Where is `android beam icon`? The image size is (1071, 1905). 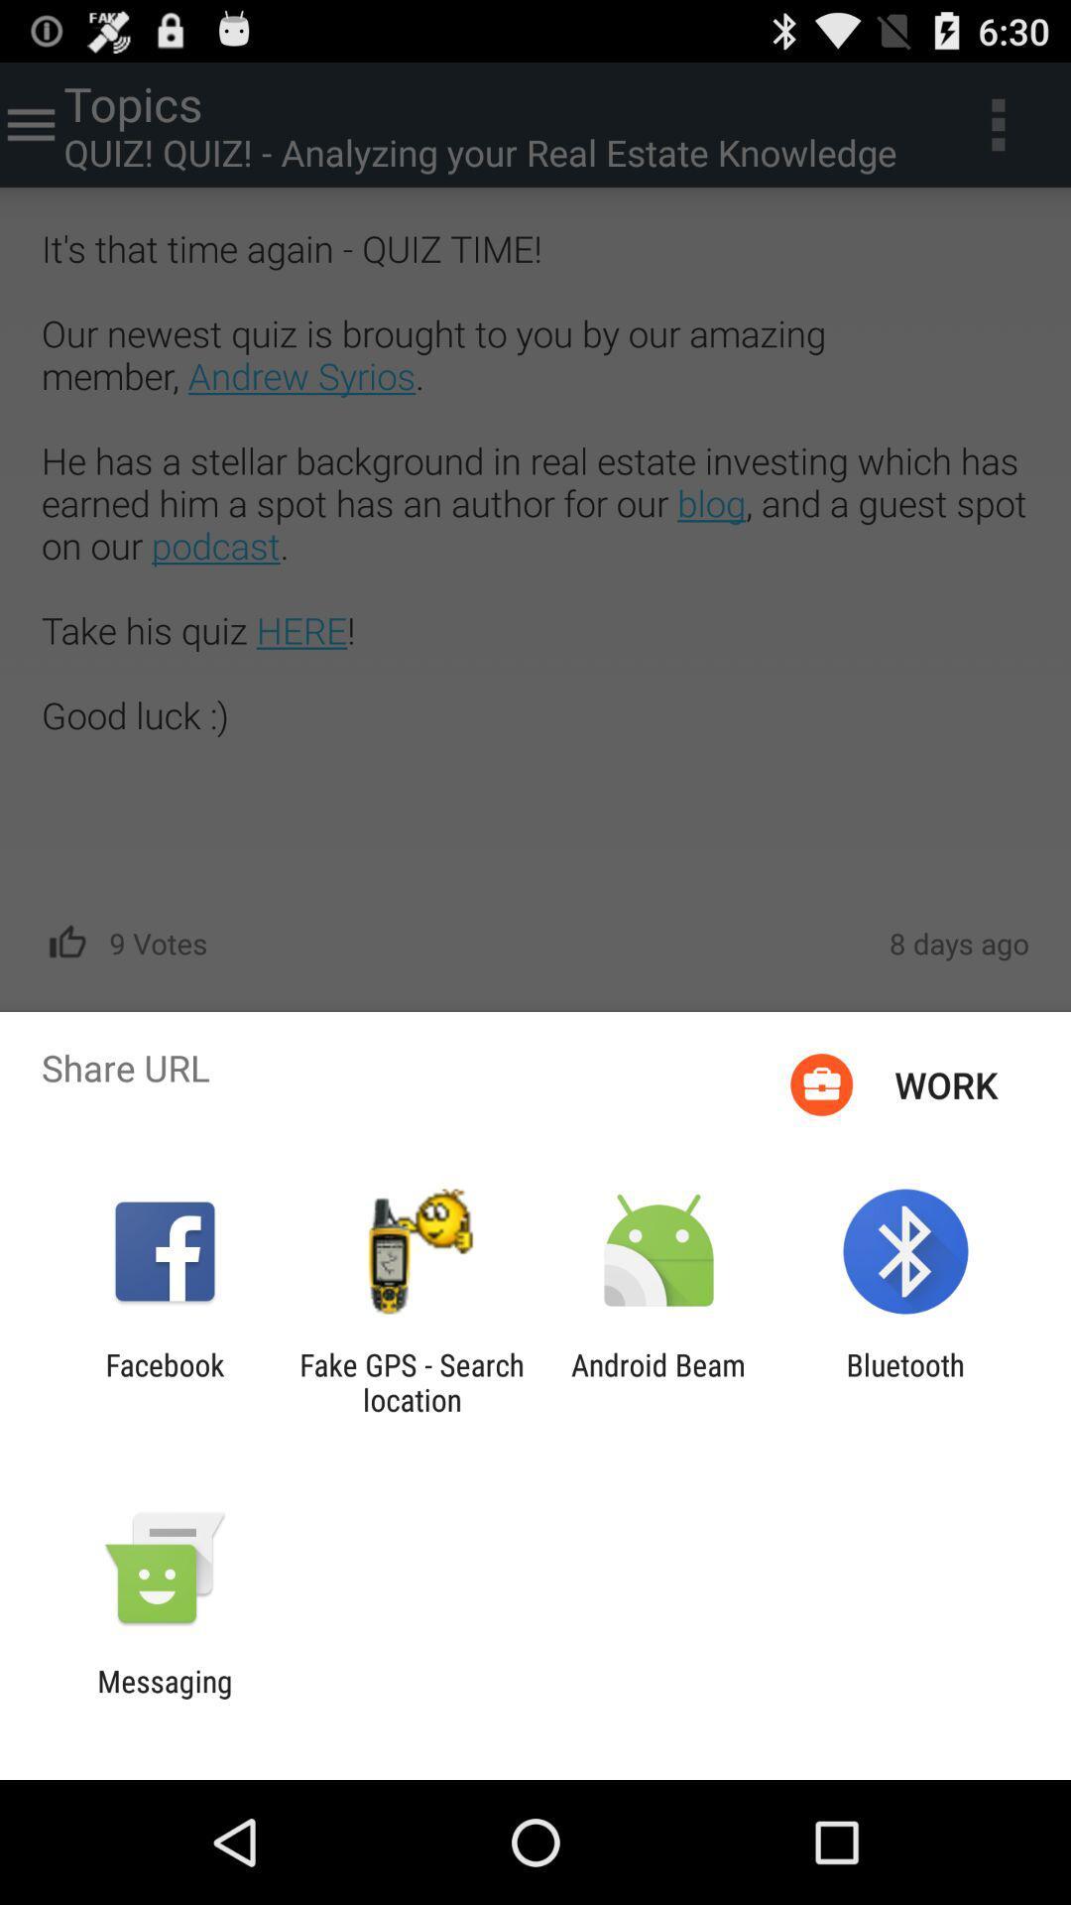
android beam icon is located at coordinates (658, 1381).